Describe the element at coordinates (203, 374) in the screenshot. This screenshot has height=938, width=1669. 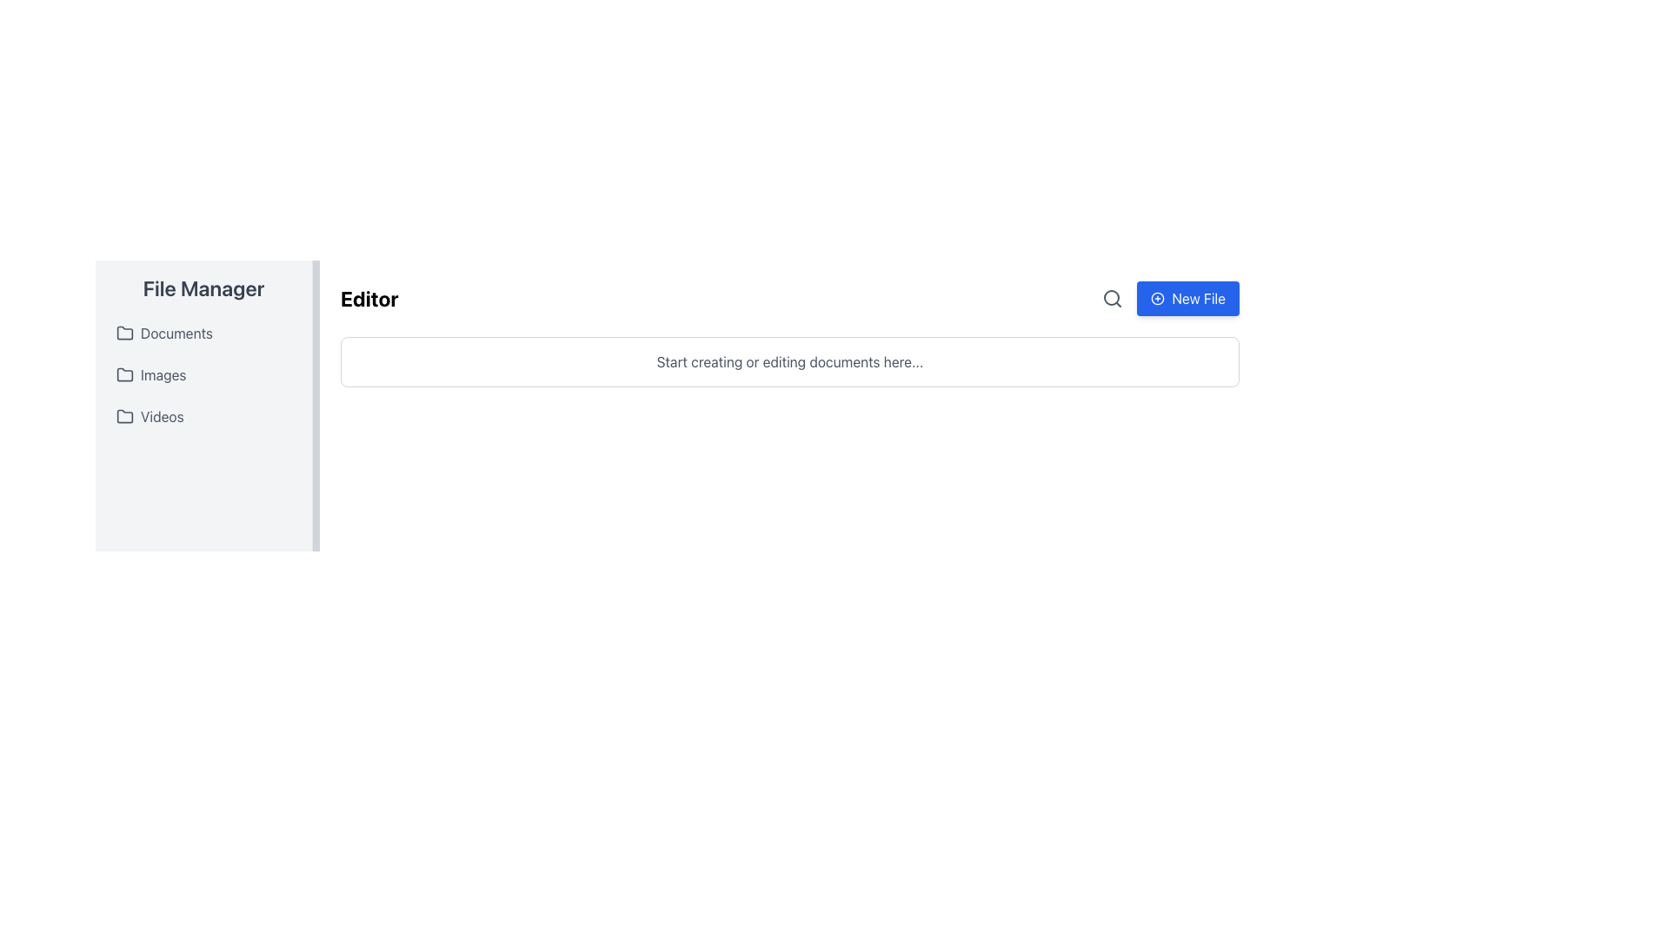
I see `the 'Images' menu option, which is the second item in the vertical list located on the left side of the interface` at that location.